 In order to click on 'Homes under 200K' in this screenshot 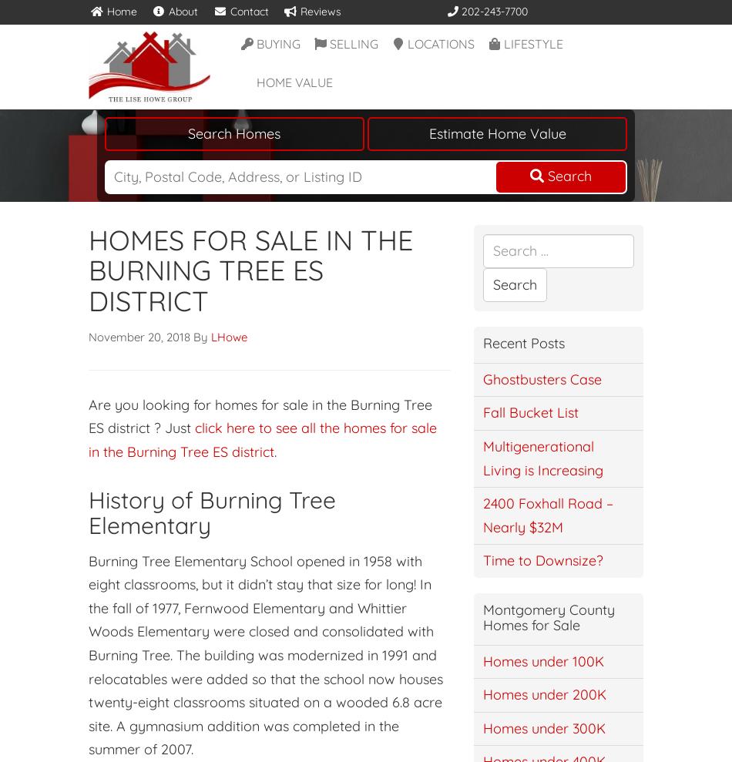, I will do `click(544, 693)`.